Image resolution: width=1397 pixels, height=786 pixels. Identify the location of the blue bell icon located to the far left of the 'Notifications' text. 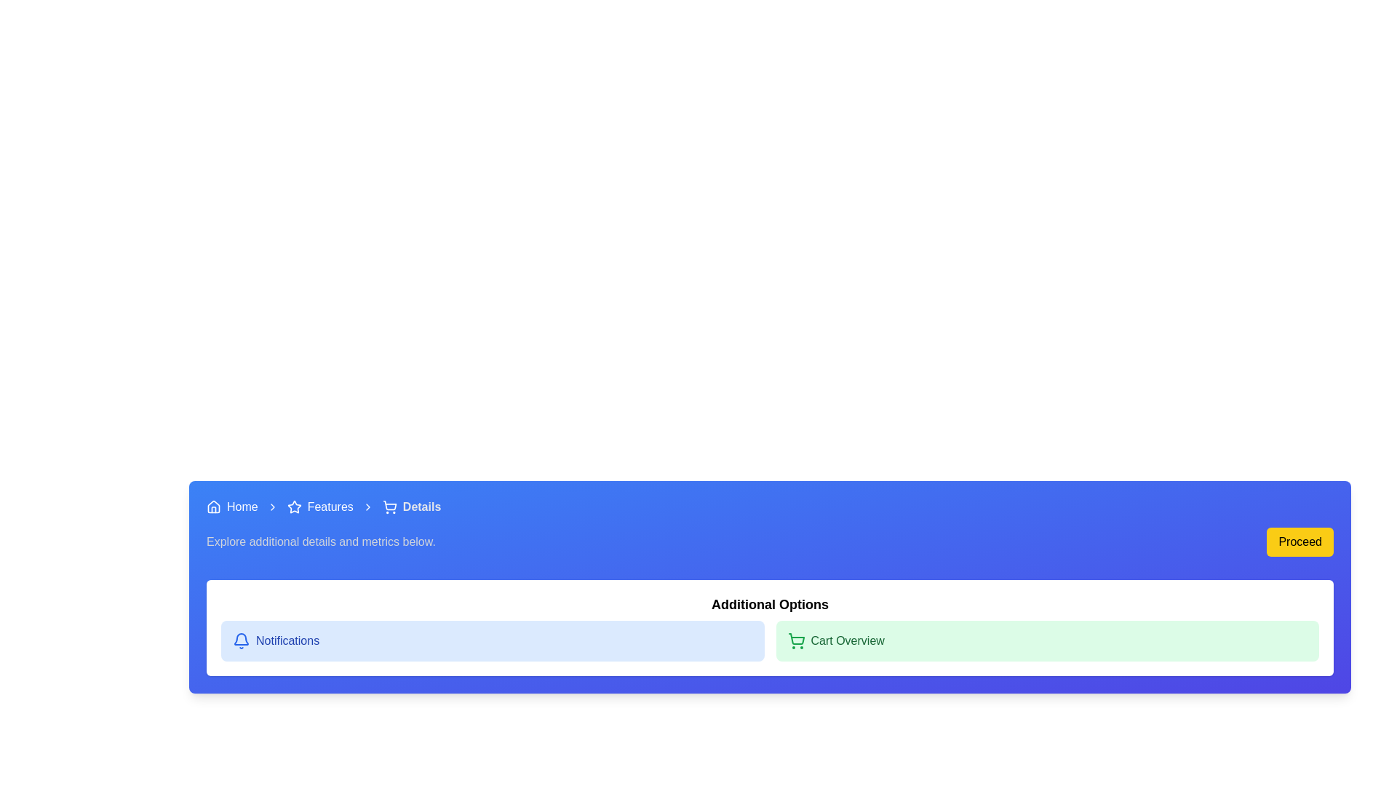
(241, 640).